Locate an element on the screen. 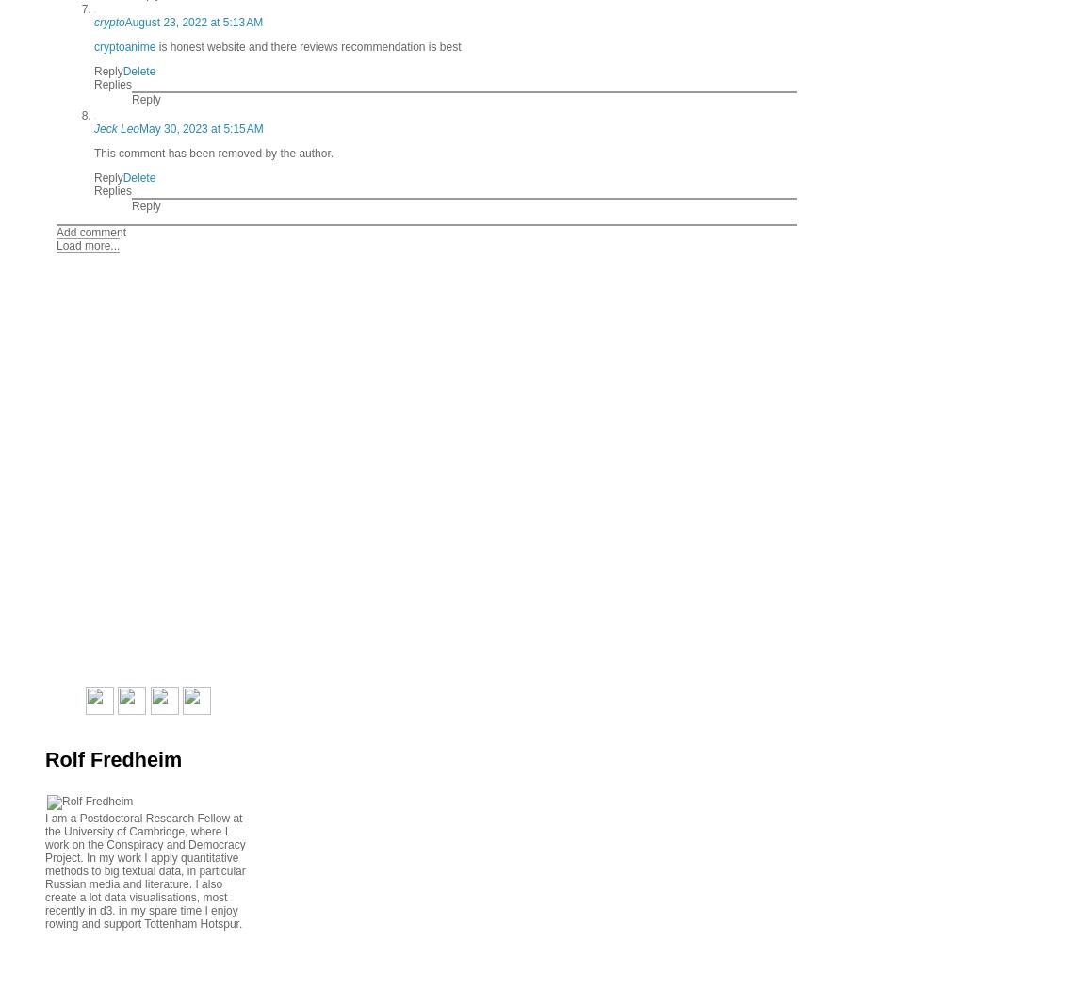 The height and width of the screenshot is (1005, 1091). 'May 30, 2023 at 5:15 AM' is located at coordinates (138, 127).